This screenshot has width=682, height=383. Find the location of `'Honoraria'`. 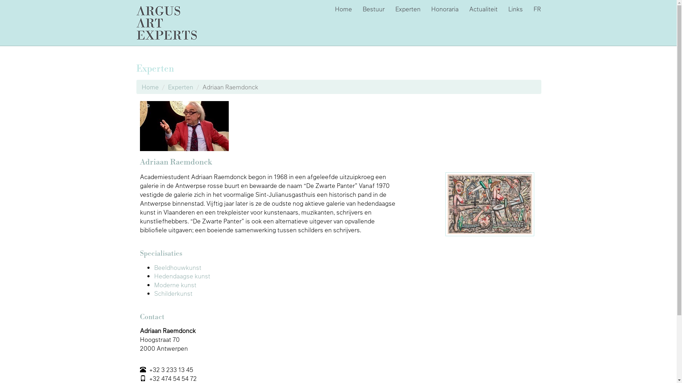

'Honoraria' is located at coordinates (426, 9).